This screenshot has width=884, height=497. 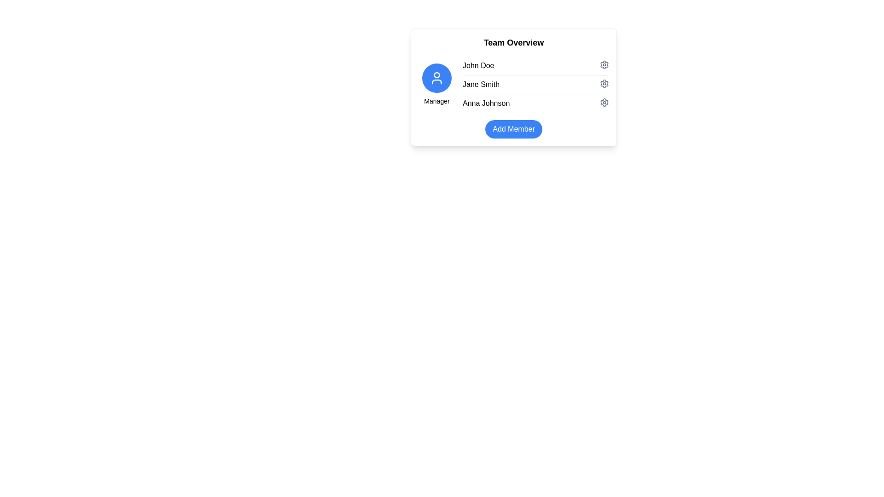 What do you see at coordinates (436, 77) in the screenshot?
I see `the medium-sized circular badge with a bright blue background and a white user icon, located at the top of the sidebar above the text 'Manager'` at bounding box center [436, 77].